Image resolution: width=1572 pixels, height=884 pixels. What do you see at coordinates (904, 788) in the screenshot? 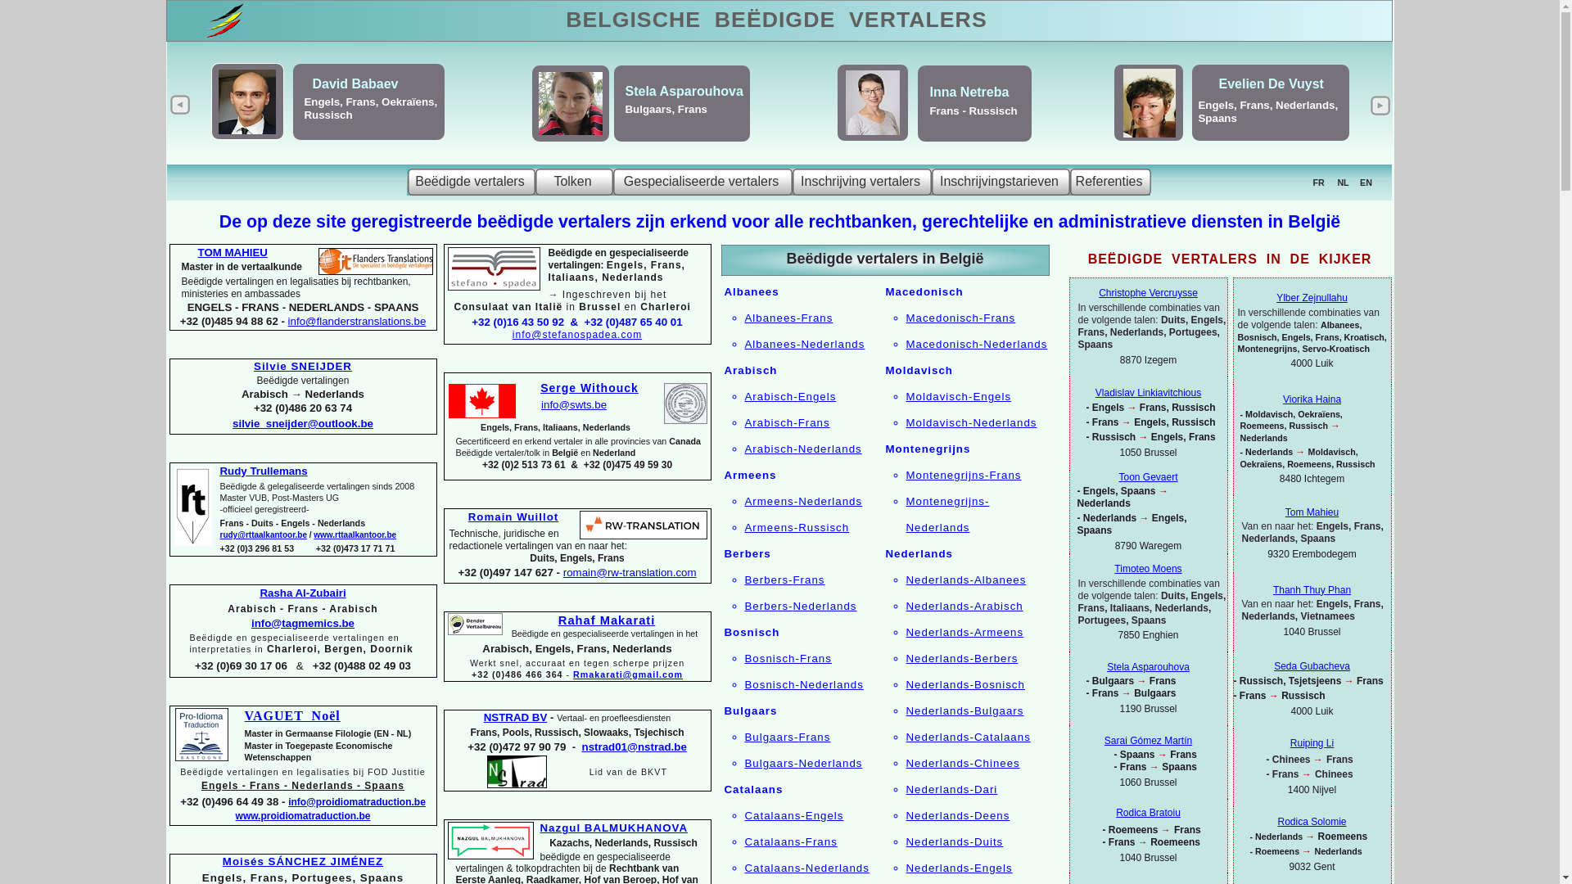
I see `'Nederlands-Dari'` at bounding box center [904, 788].